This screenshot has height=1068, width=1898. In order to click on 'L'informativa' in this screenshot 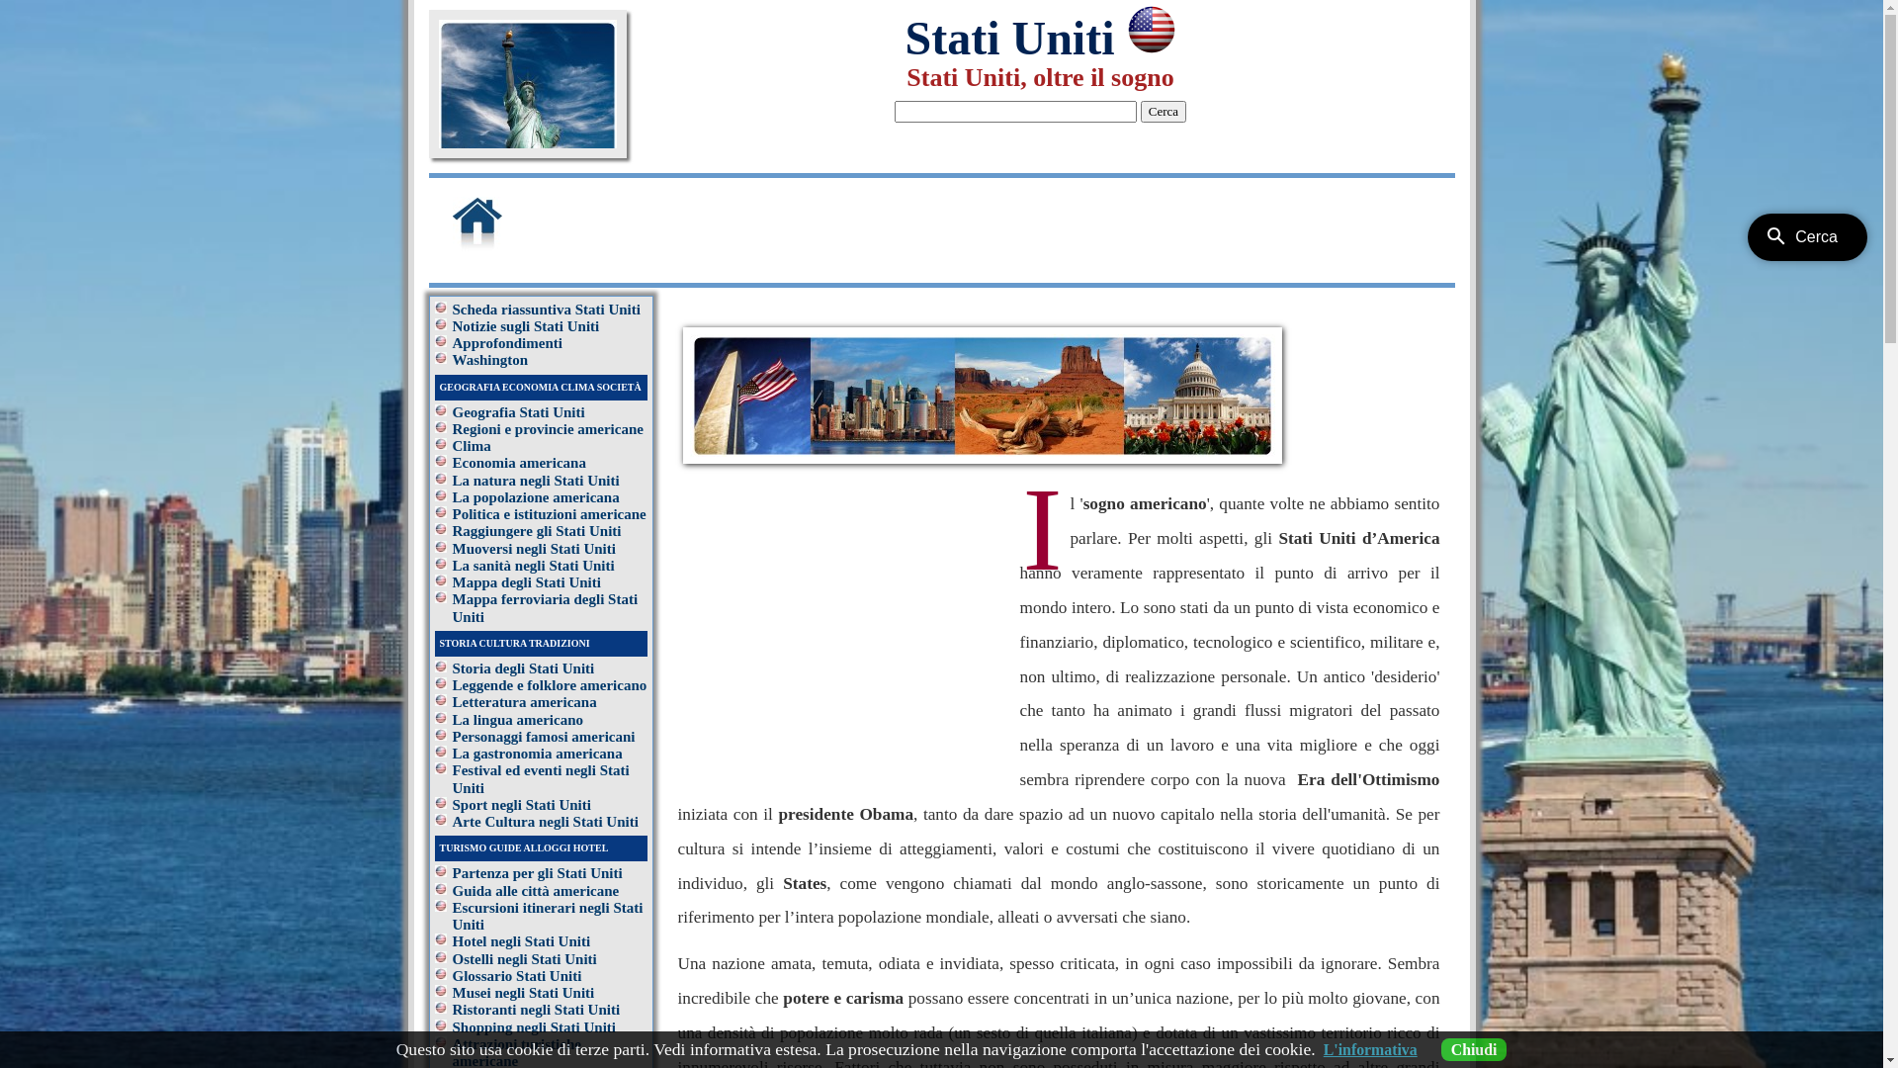, I will do `click(1369, 1048)`.